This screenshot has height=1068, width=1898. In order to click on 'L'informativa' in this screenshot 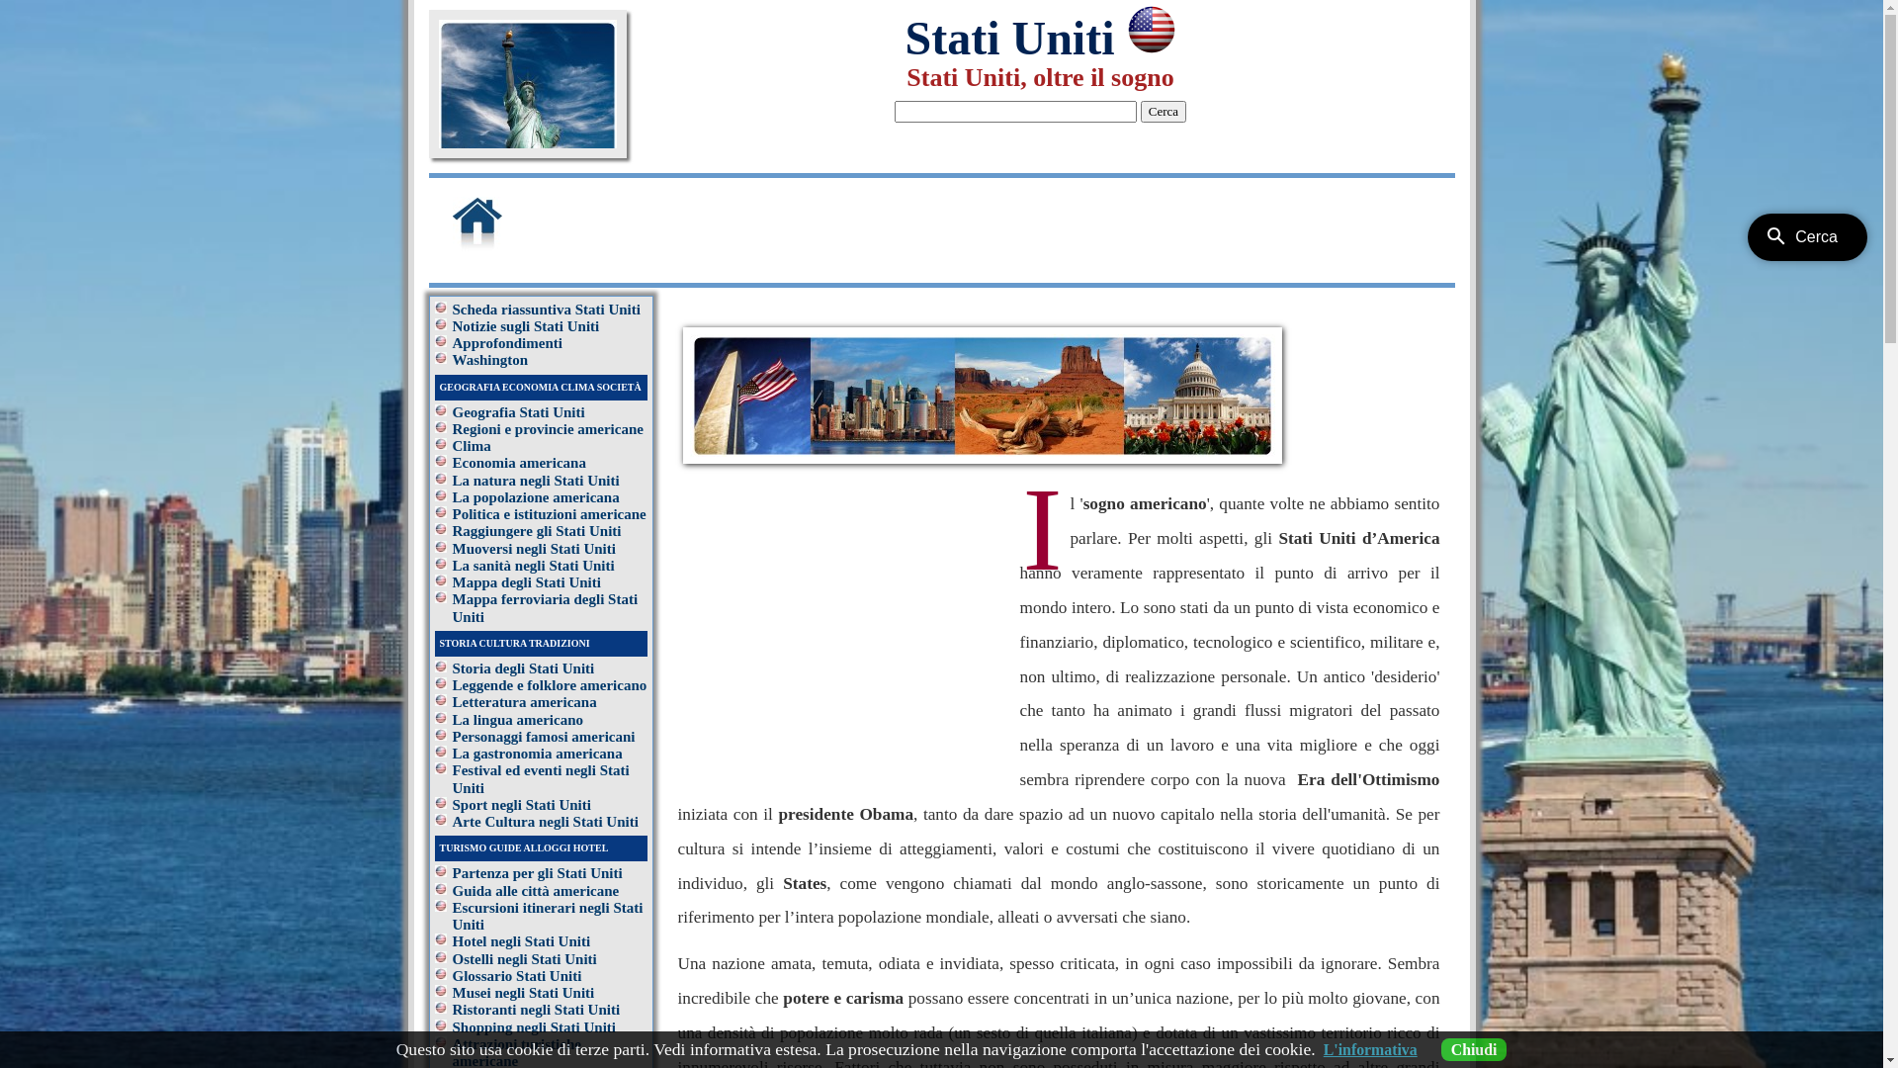, I will do `click(1369, 1048)`.